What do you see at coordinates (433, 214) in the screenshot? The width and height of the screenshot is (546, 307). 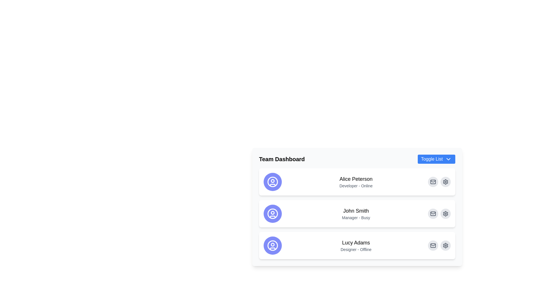 I see `the envelope icon representing email or messaging, located to the right of 'John Smith' in the list` at bounding box center [433, 214].